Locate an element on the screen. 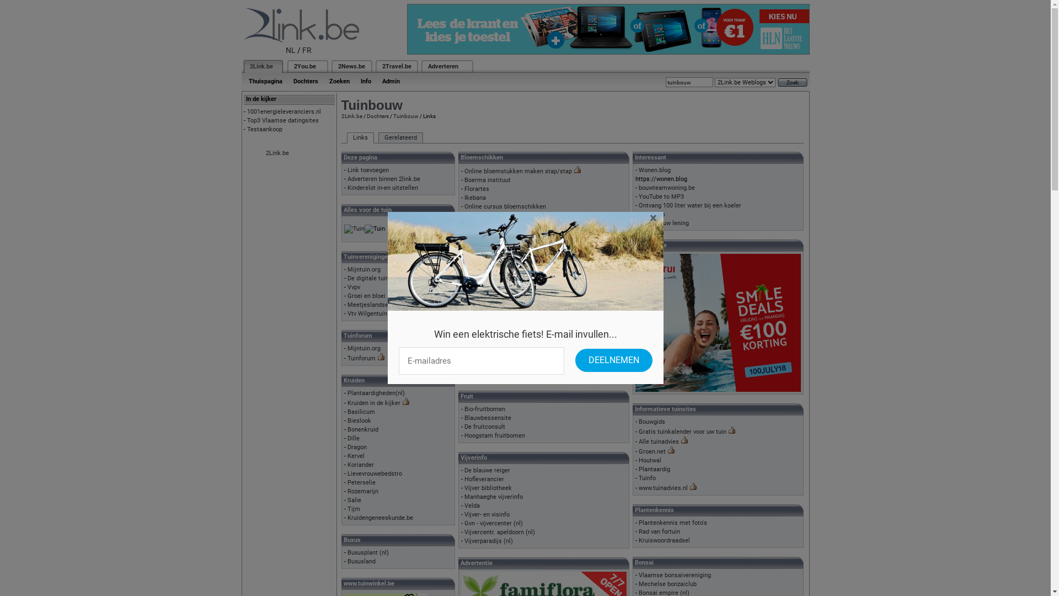  'Kinderslot in-en uitstellen' is located at coordinates (383, 187).